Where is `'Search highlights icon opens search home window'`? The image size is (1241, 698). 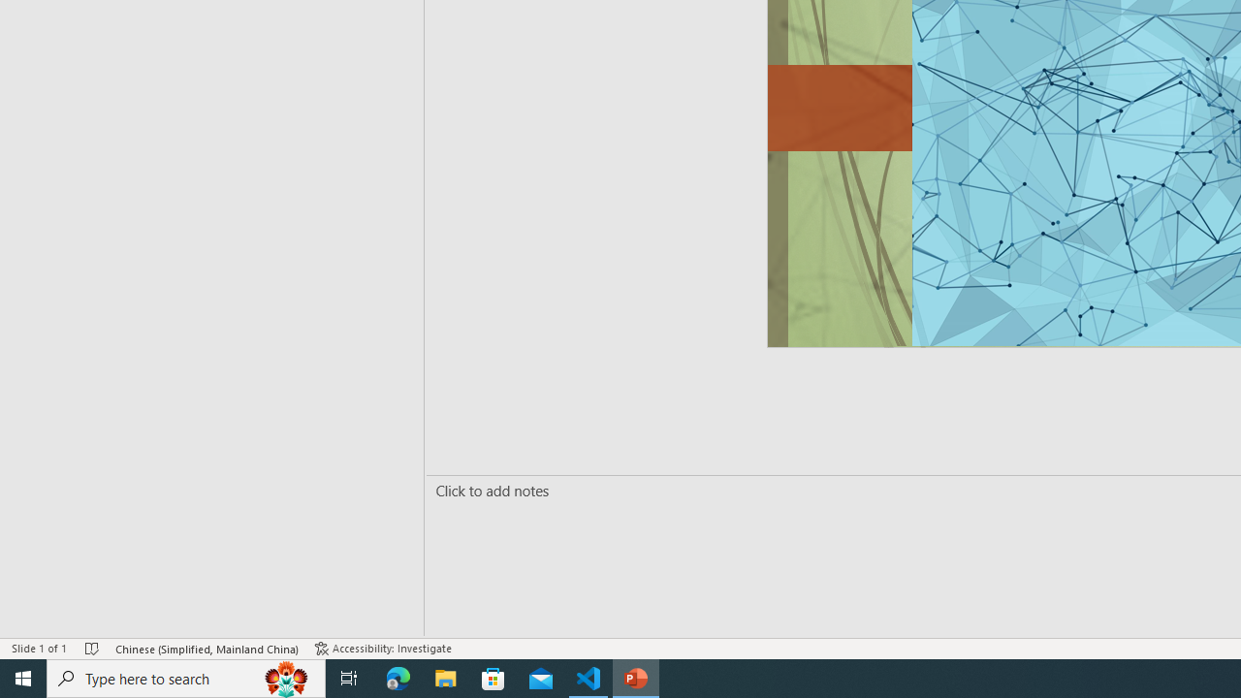
'Search highlights icon opens search home window' is located at coordinates (285, 677).